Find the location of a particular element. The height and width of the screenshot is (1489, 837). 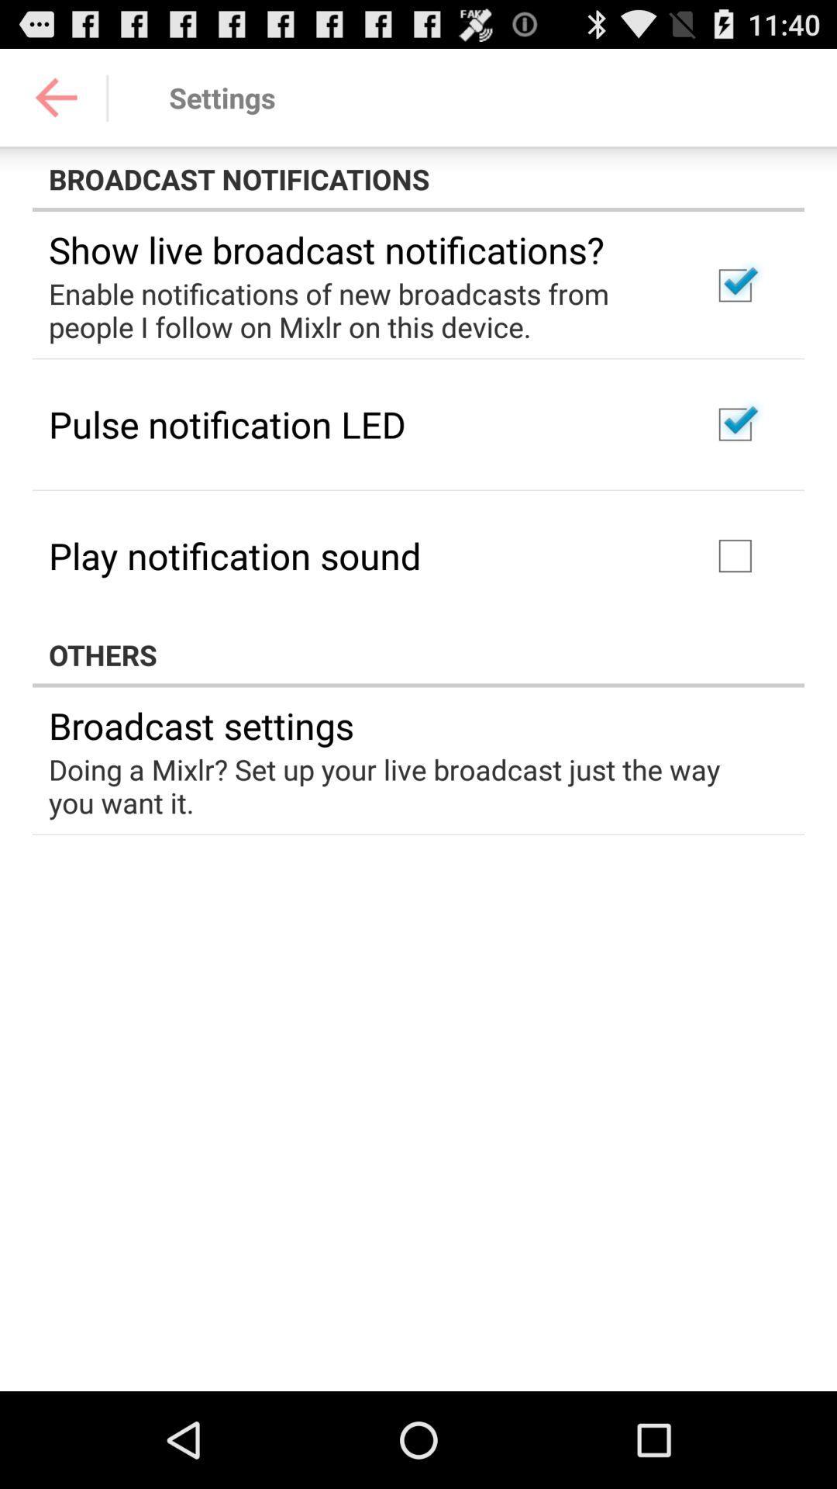

the others app is located at coordinates (418, 655).